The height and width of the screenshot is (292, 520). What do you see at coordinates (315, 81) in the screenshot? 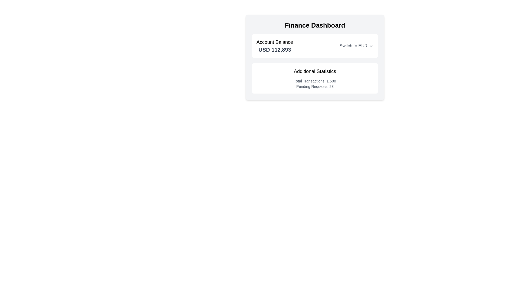
I see `the Text Label that displays the total number of transactions, located just below the 'Additional Statistics' heading` at bounding box center [315, 81].